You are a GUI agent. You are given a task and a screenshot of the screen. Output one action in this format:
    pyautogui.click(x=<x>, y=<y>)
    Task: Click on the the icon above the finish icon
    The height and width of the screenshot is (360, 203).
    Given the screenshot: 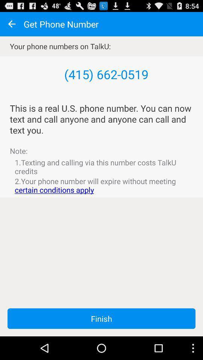 What is the action you would take?
    pyautogui.click(x=101, y=185)
    